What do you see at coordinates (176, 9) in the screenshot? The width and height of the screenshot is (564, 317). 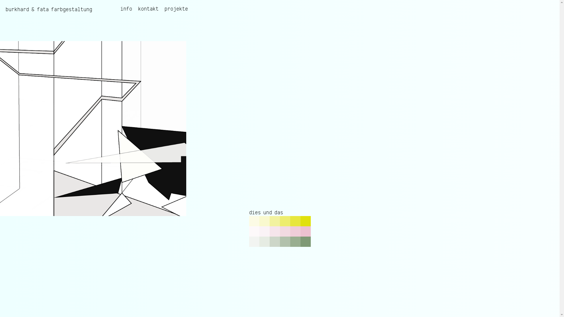 I see `'projekte'` at bounding box center [176, 9].